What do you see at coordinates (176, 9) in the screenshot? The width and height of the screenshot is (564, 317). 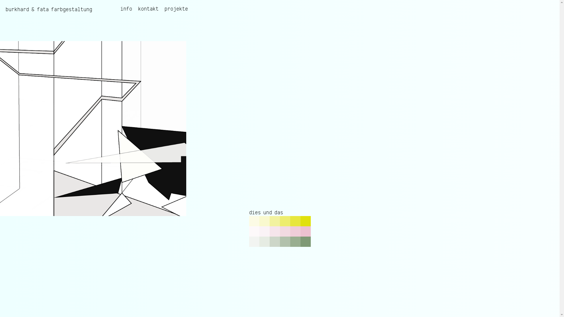 I see `'projekte'` at bounding box center [176, 9].